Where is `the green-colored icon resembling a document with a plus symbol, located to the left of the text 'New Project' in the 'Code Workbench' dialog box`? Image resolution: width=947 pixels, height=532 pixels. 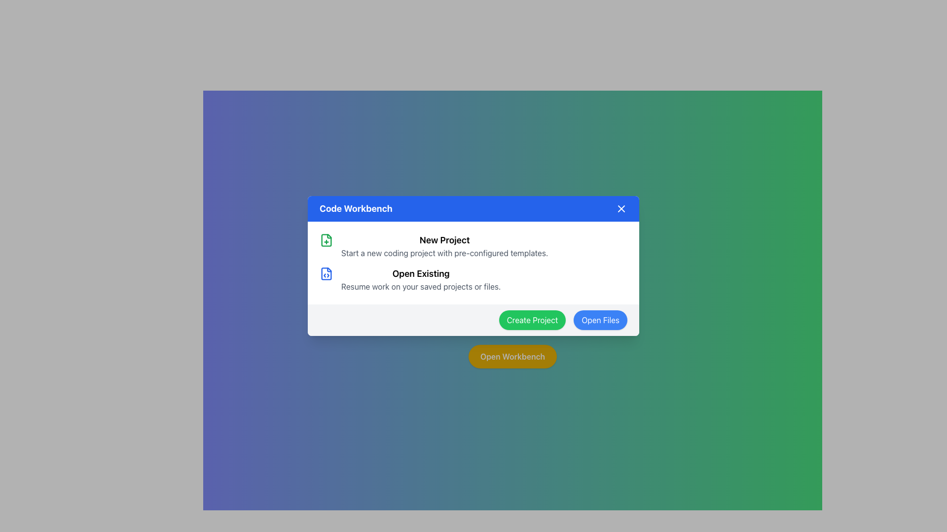
the green-colored icon resembling a document with a plus symbol, located to the left of the text 'New Project' in the 'Code Workbench' dialog box is located at coordinates (327, 240).